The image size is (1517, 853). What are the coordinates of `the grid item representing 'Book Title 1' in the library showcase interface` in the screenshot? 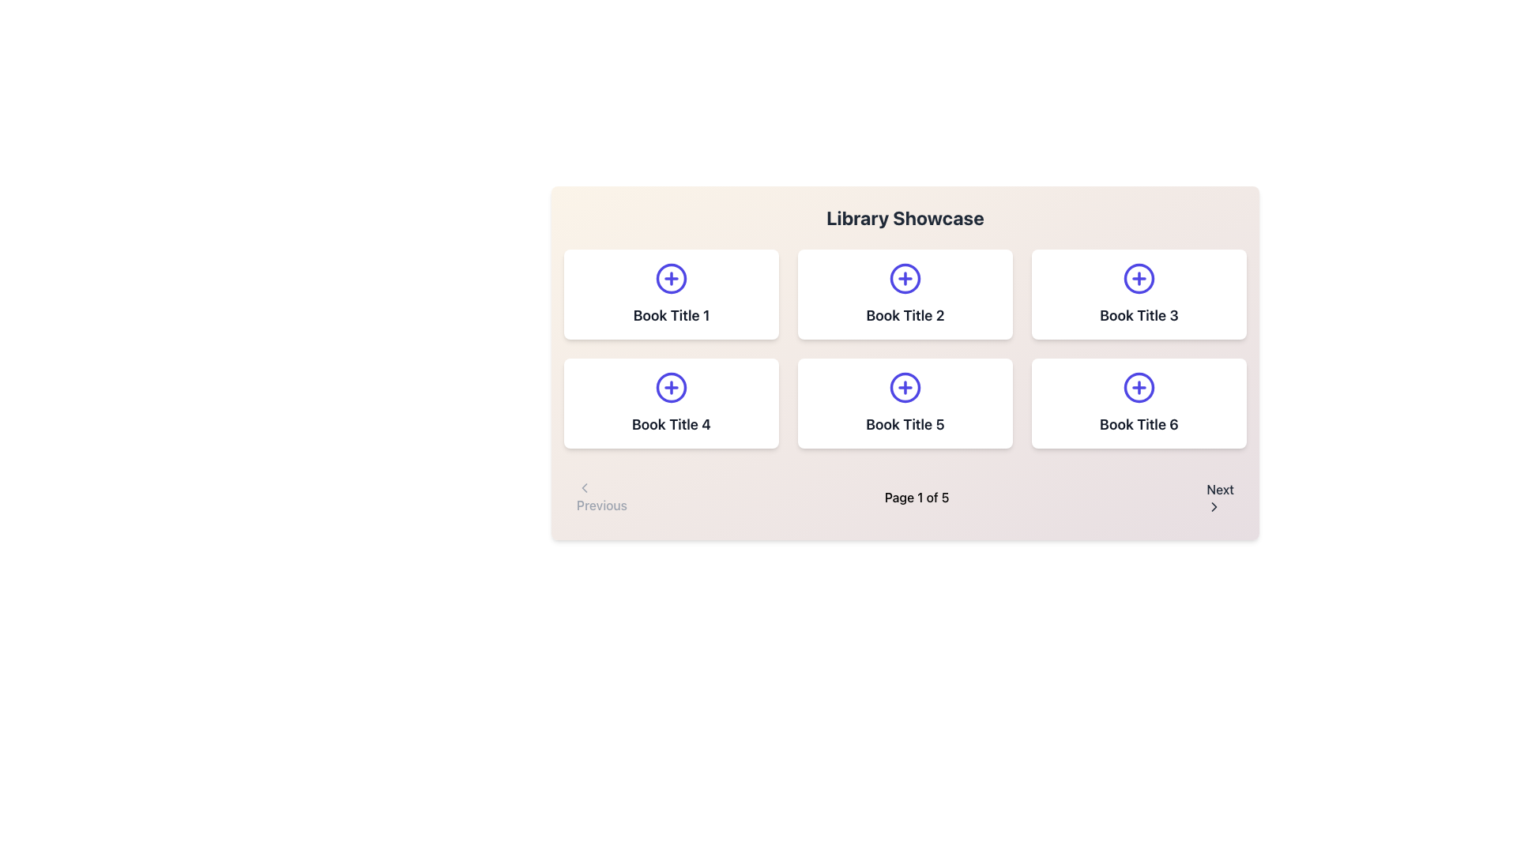 It's located at (671, 295).